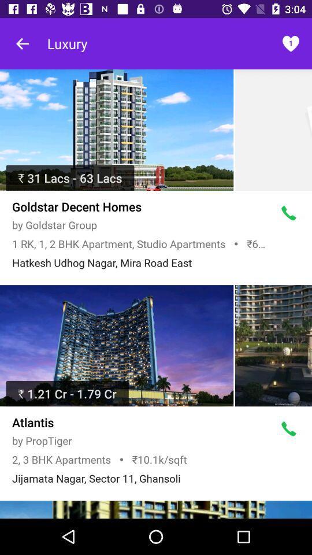 This screenshot has width=312, height=555. I want to click on the text luxury on page, so click(68, 44).